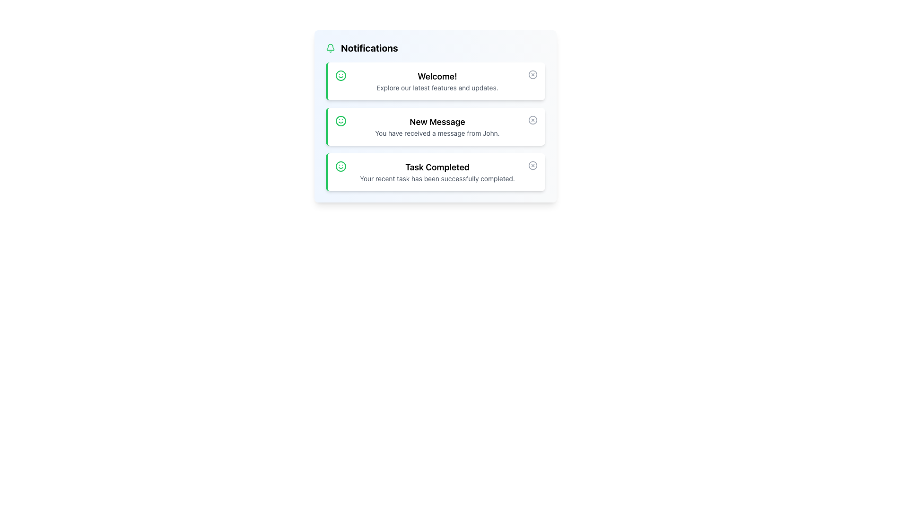 This screenshot has width=908, height=511. What do you see at coordinates (435, 116) in the screenshot?
I see `the notification card displaying a message about receiving a new message from John, which is the second card in the notifications panel` at bounding box center [435, 116].